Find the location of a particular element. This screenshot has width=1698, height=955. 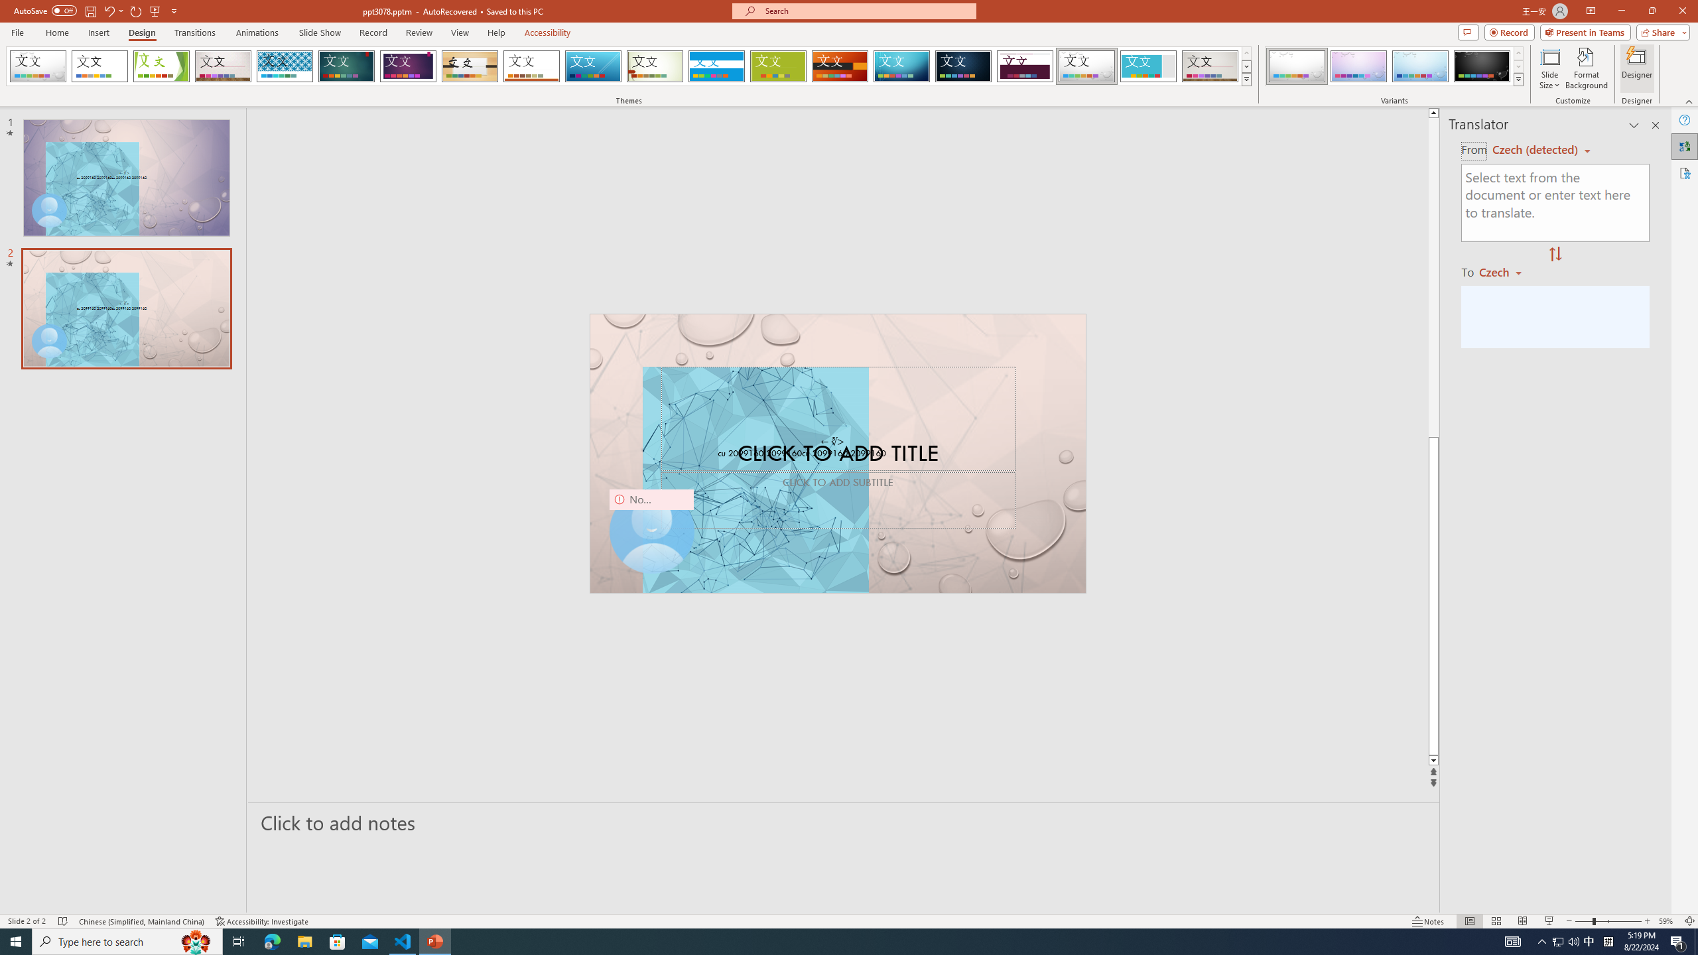

'Office Theme' is located at coordinates (99, 66).